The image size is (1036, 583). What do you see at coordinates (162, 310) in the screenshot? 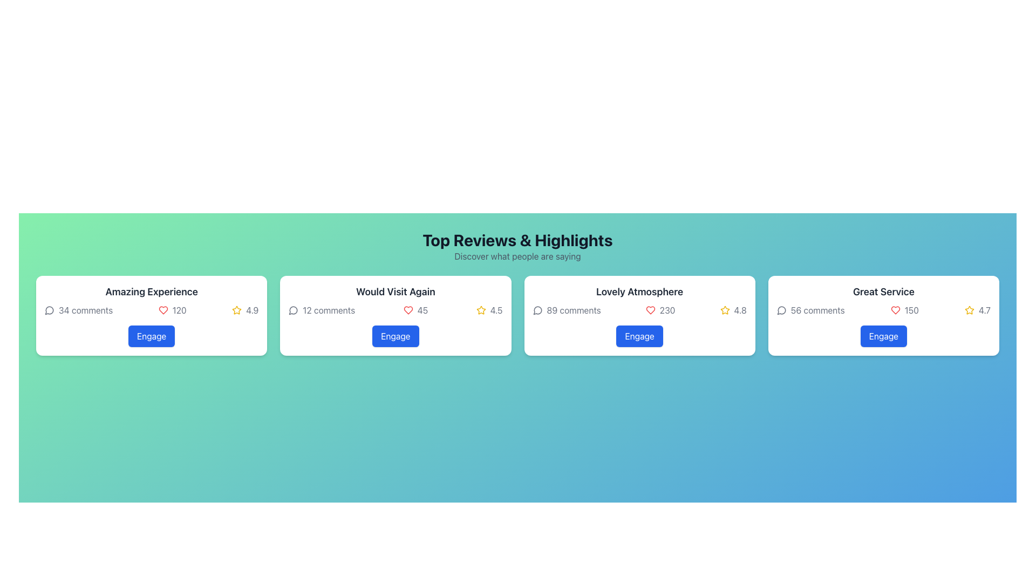
I see `the heart icon that indicates user likes or favorites, located in the first card's statistics row between the comment count and star rating` at bounding box center [162, 310].